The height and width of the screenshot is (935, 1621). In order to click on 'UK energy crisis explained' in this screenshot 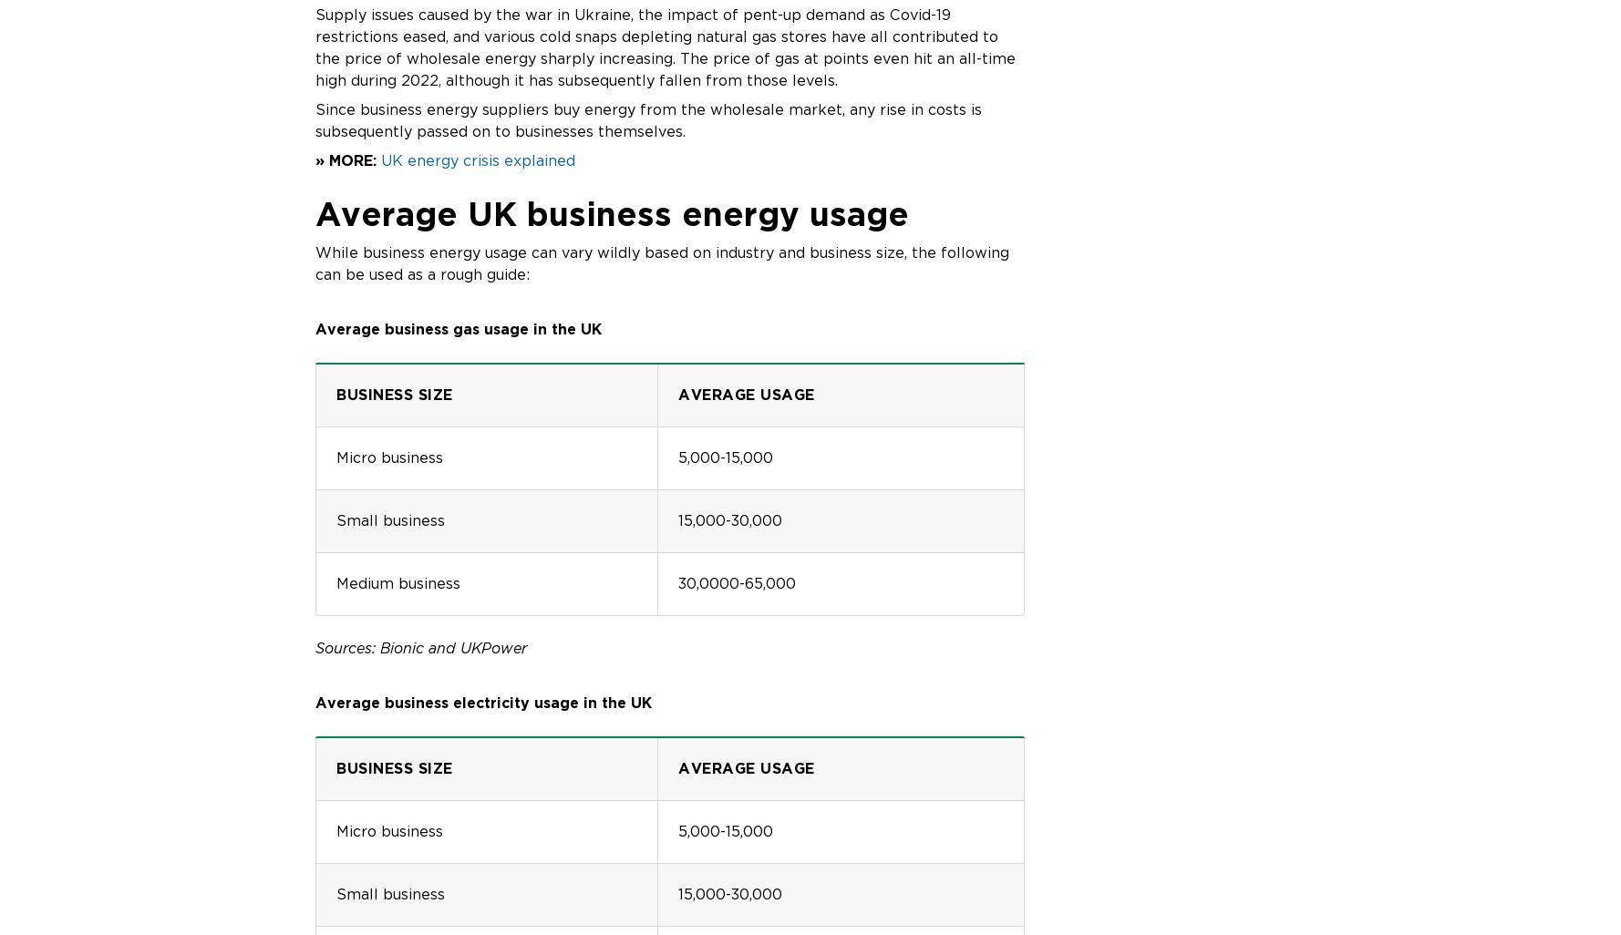, I will do `click(381, 159)`.